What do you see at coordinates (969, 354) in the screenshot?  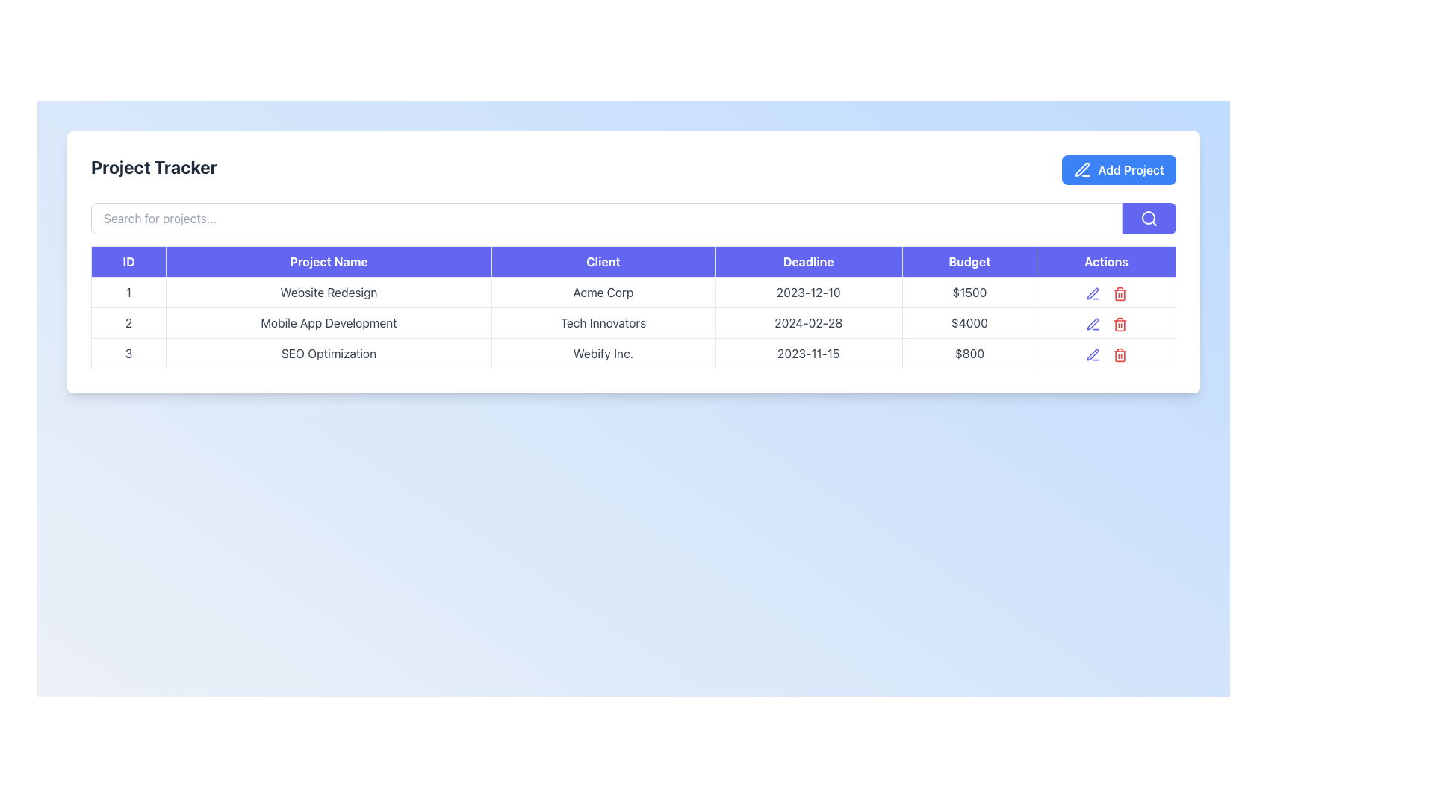 I see `the table cell displaying the text "$800" in the last row under the "Budget" column for the project "SEO Optimization"` at bounding box center [969, 354].